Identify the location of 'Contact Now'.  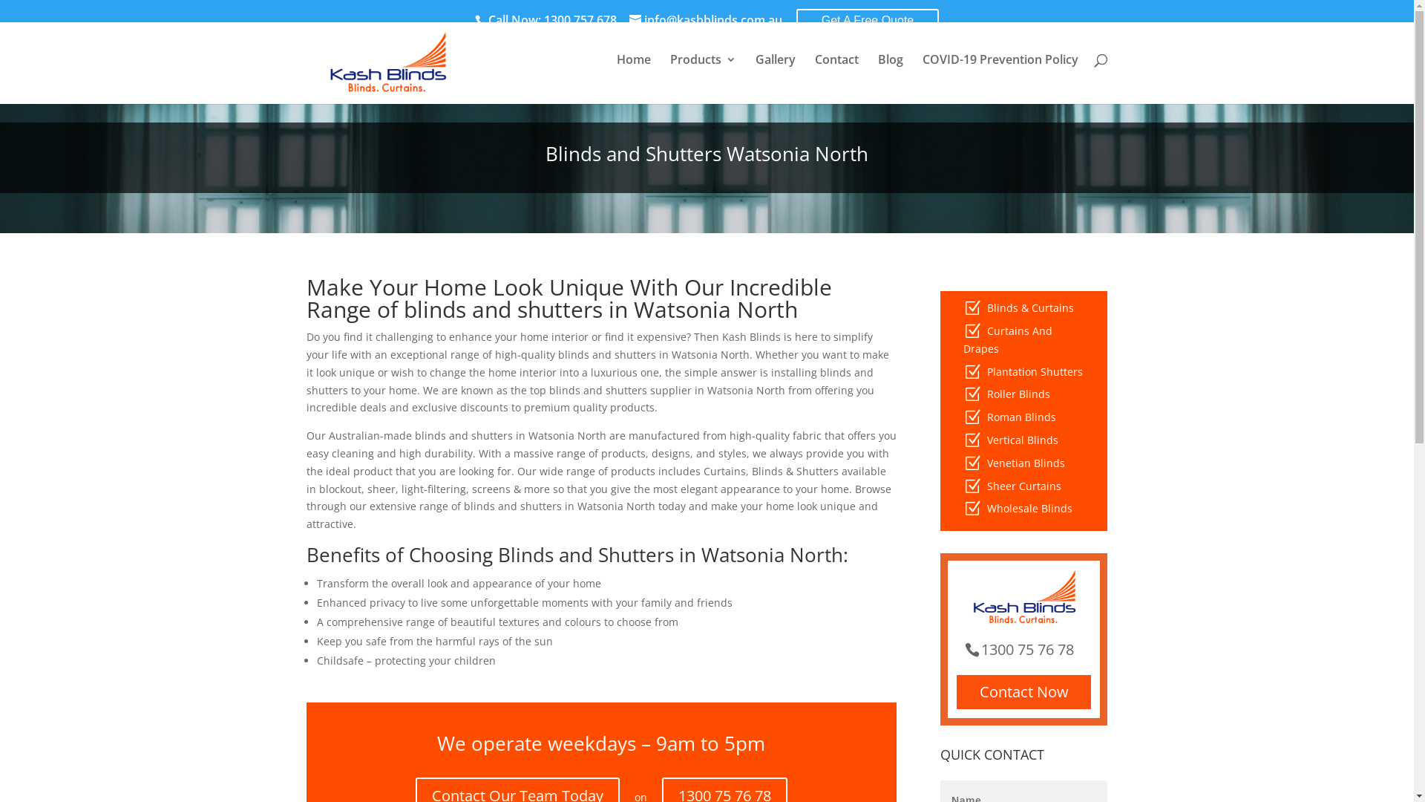
(1023, 692).